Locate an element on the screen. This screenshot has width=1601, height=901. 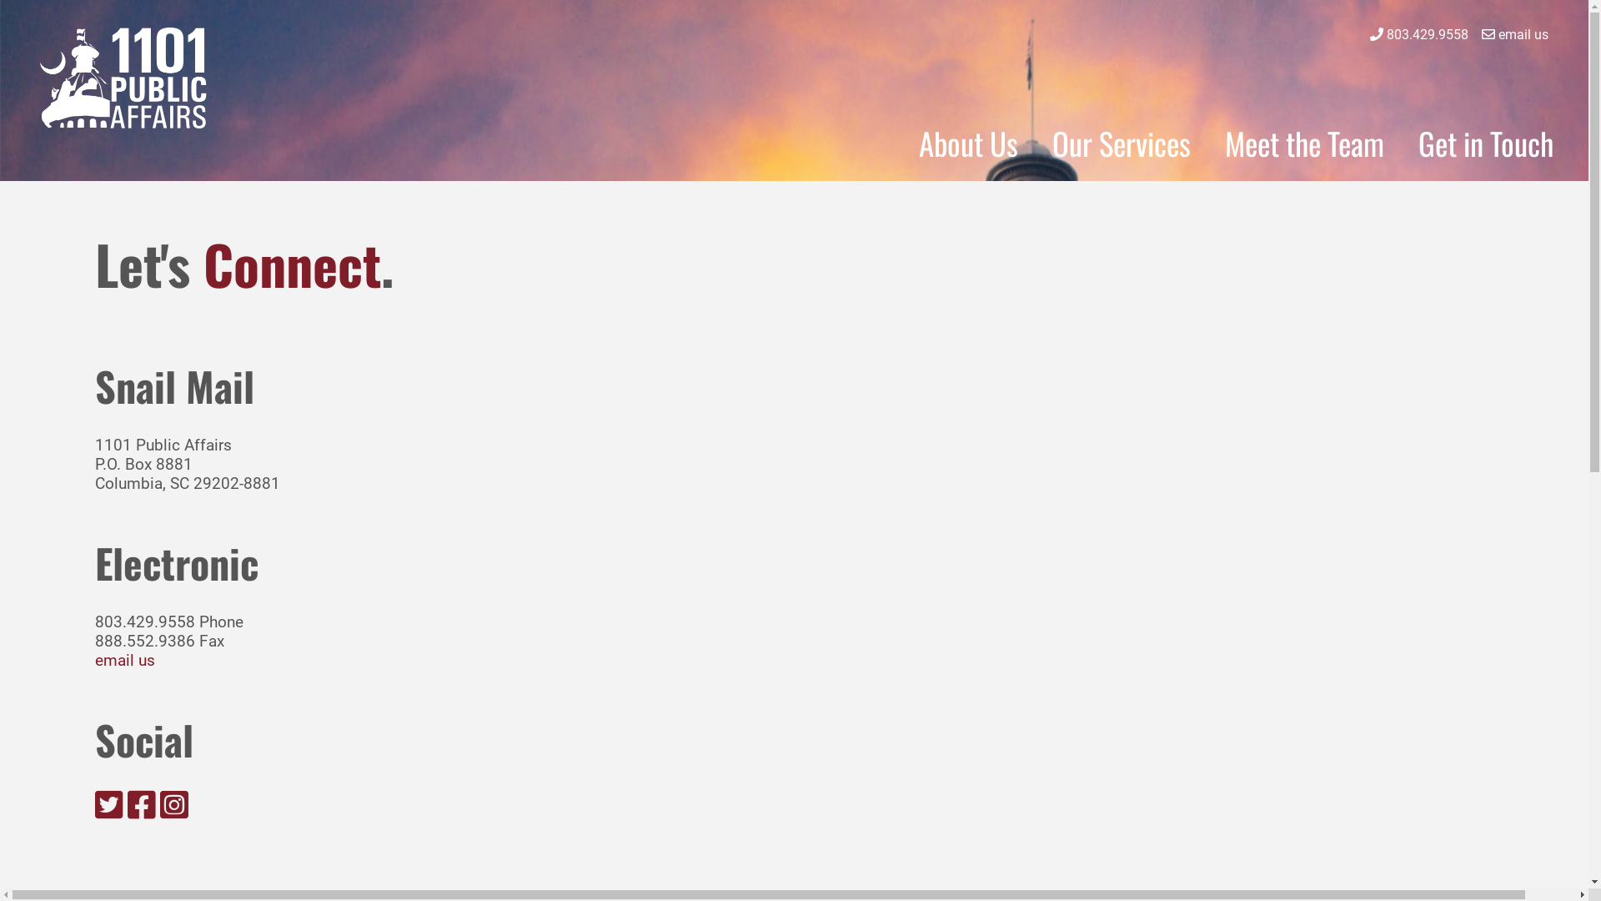
'email us' is located at coordinates (1498, 34).